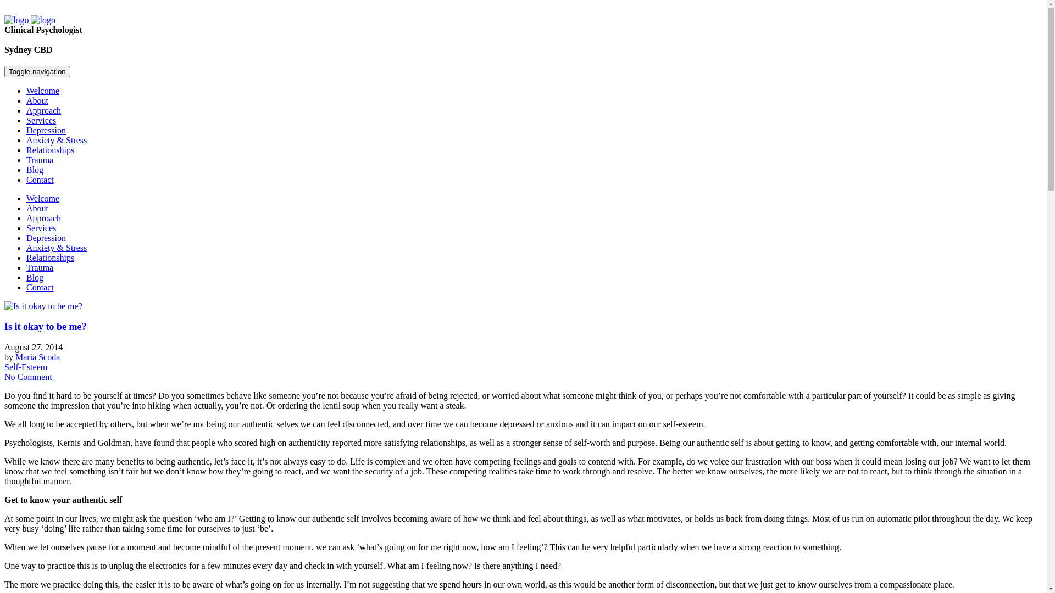 The height and width of the screenshot is (593, 1055). Describe the element at coordinates (26, 227) in the screenshot. I see `'Services'` at that location.